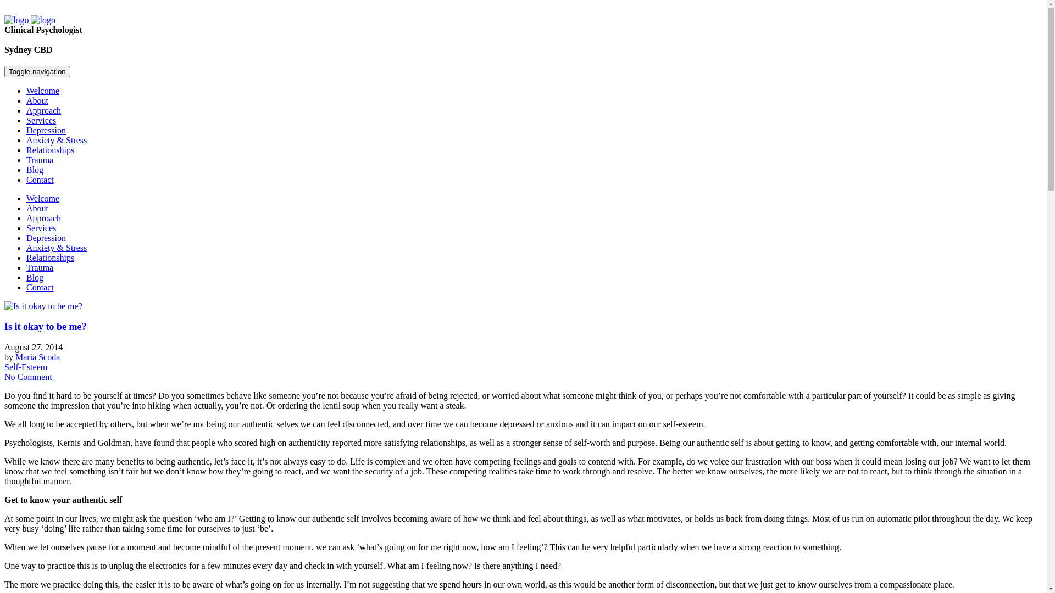 The height and width of the screenshot is (593, 1055). Describe the element at coordinates (26, 227) in the screenshot. I see `'Services'` at that location.